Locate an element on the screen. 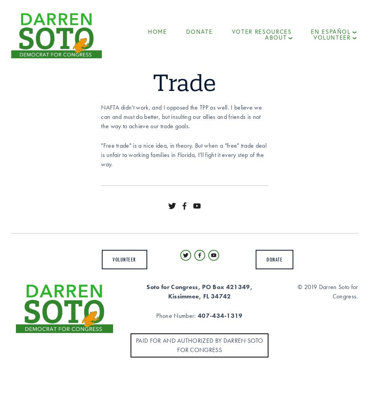 This screenshot has height=394, width=373. 'Home' is located at coordinates (148, 31).